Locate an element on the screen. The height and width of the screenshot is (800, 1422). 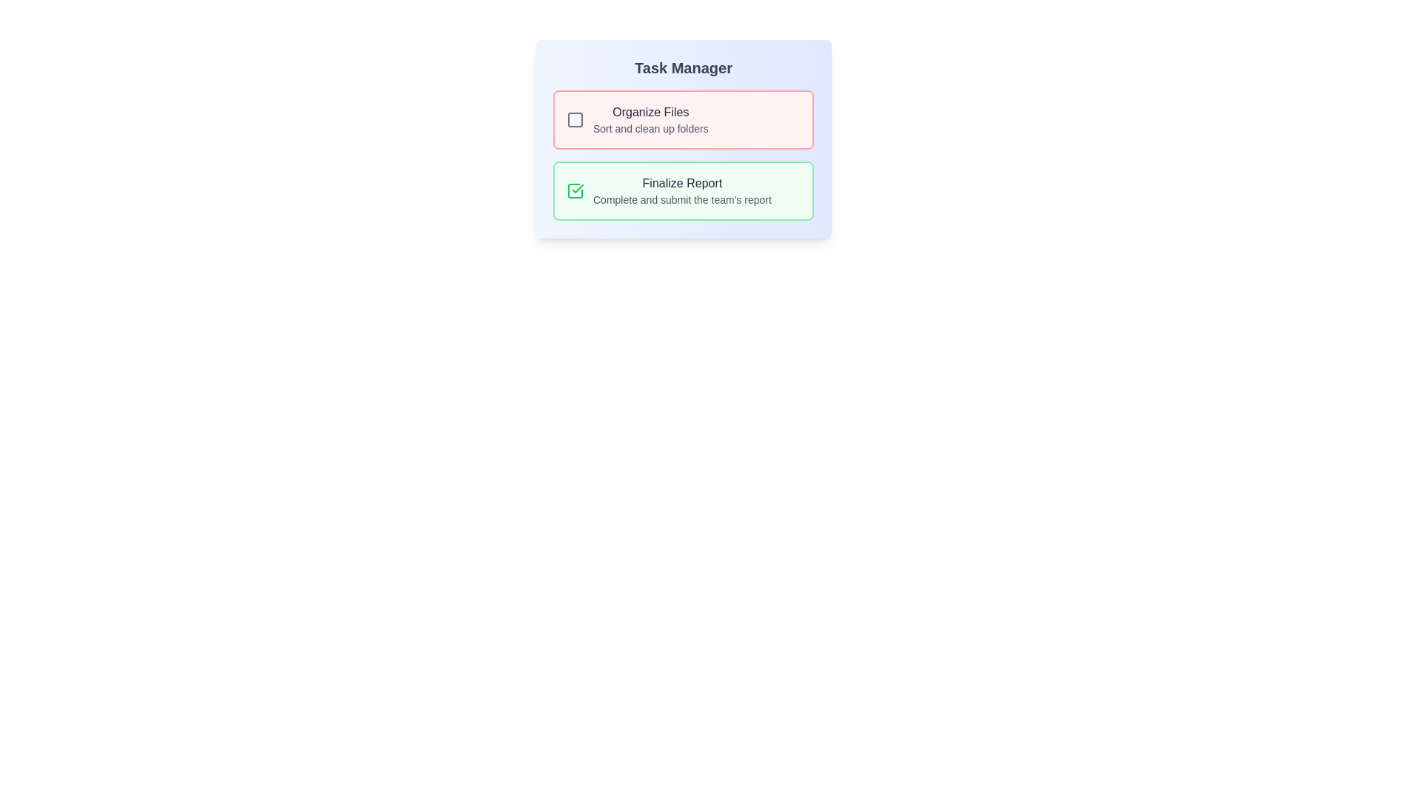
the checkmark icon that indicates a completed task within the 'Finalize Report' section of the Task Manager is located at coordinates (577, 187).